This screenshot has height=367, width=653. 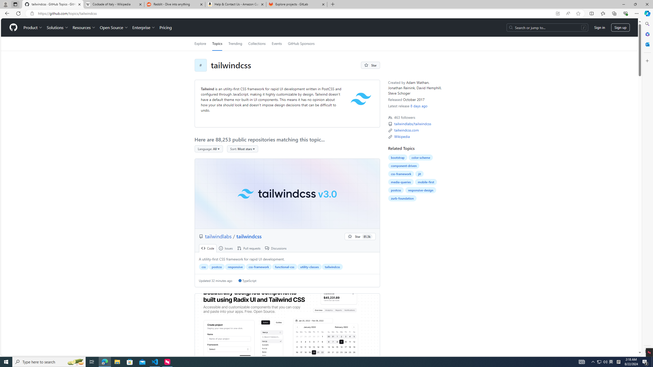 I want to click on ' Pull requests', so click(x=249, y=248).